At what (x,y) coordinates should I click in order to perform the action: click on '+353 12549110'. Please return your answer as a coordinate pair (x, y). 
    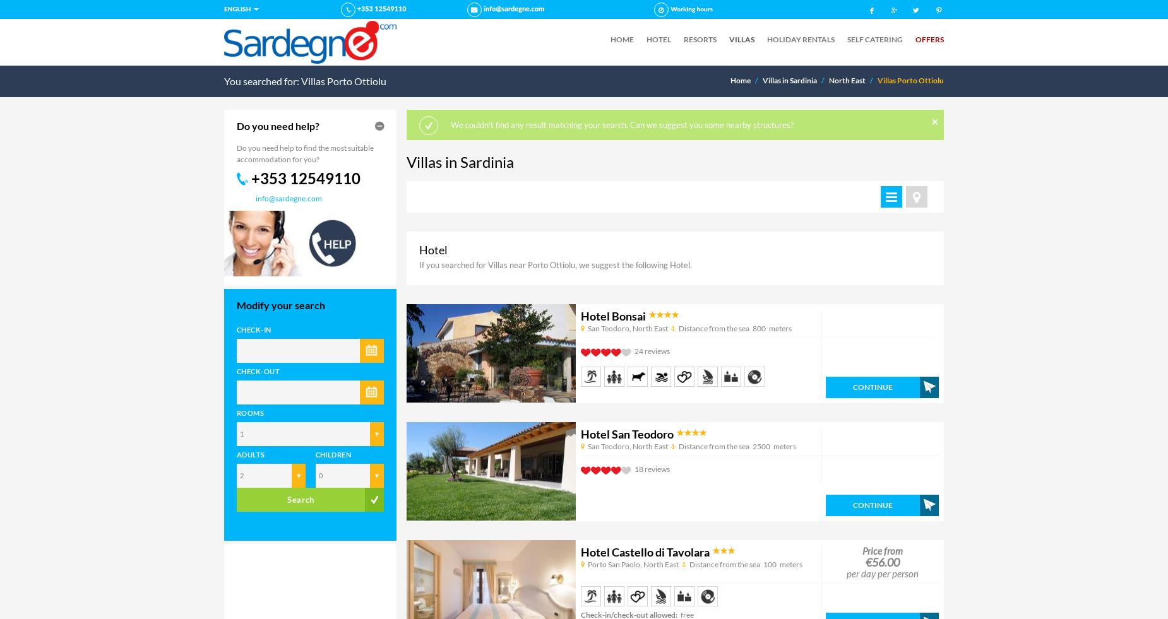
    Looking at the image, I should click on (306, 177).